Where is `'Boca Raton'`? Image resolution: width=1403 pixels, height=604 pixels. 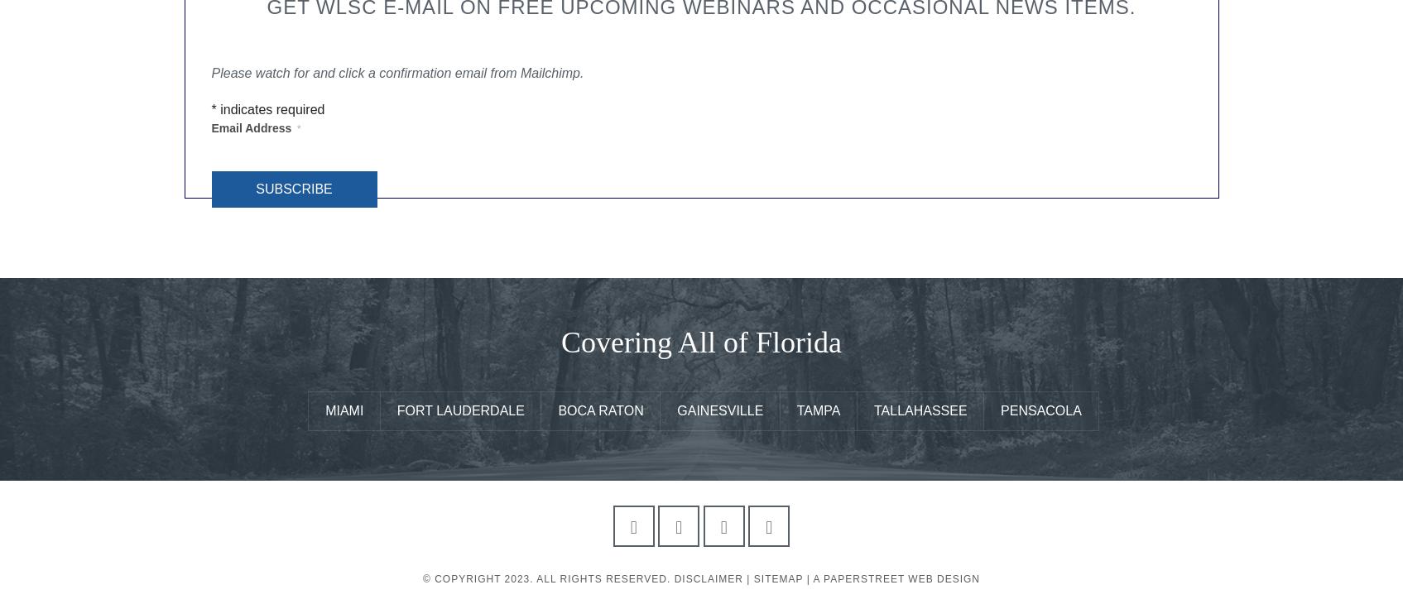 'Boca Raton' is located at coordinates (599, 410).